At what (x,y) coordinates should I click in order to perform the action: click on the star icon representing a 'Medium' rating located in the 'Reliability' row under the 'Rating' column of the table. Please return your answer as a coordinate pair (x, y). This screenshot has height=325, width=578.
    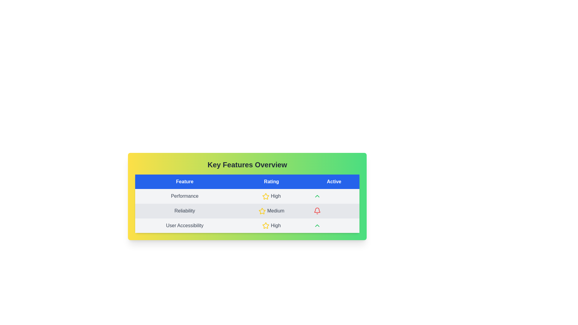
    Looking at the image, I should click on (262, 211).